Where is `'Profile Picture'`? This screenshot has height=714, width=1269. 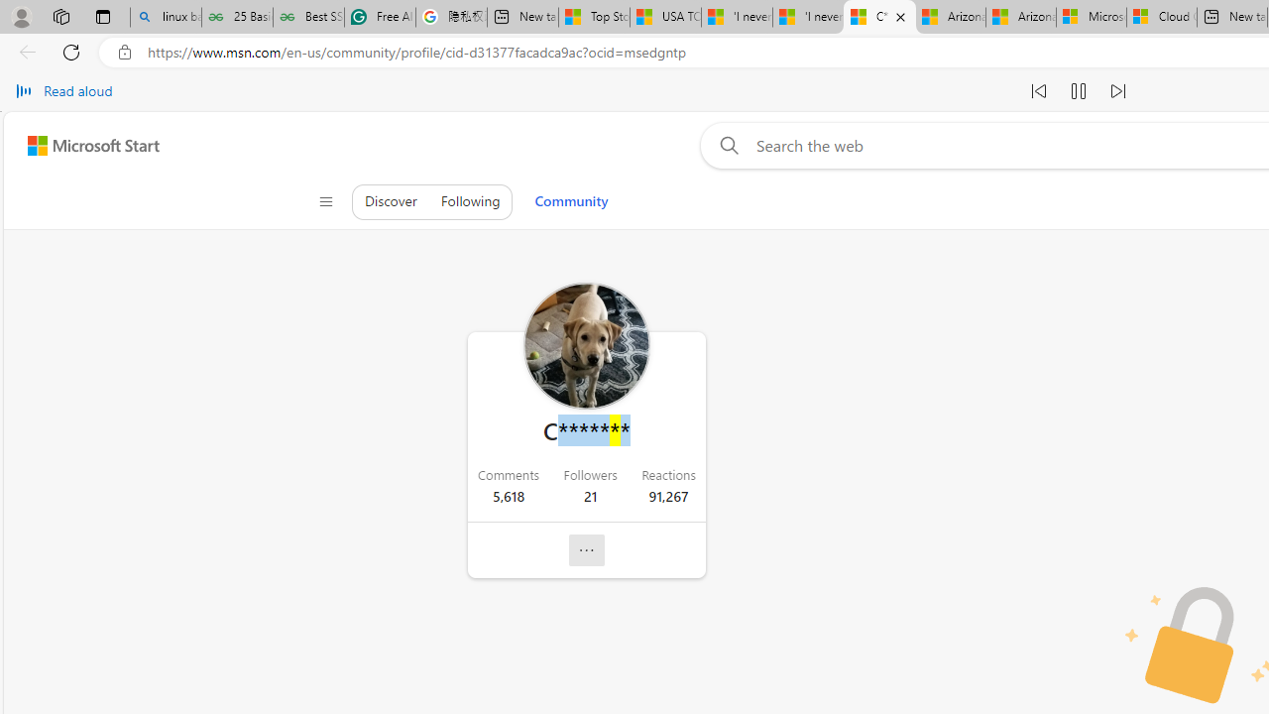
'Profile Picture' is located at coordinates (585, 345).